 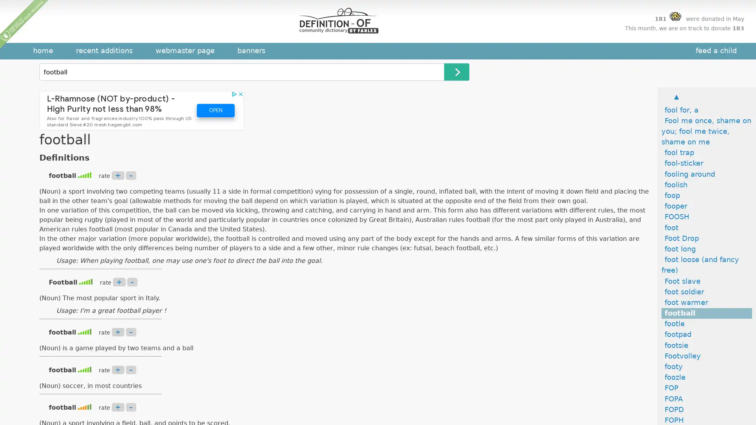 What do you see at coordinates (457, 72) in the screenshot?
I see `Search` at bounding box center [457, 72].